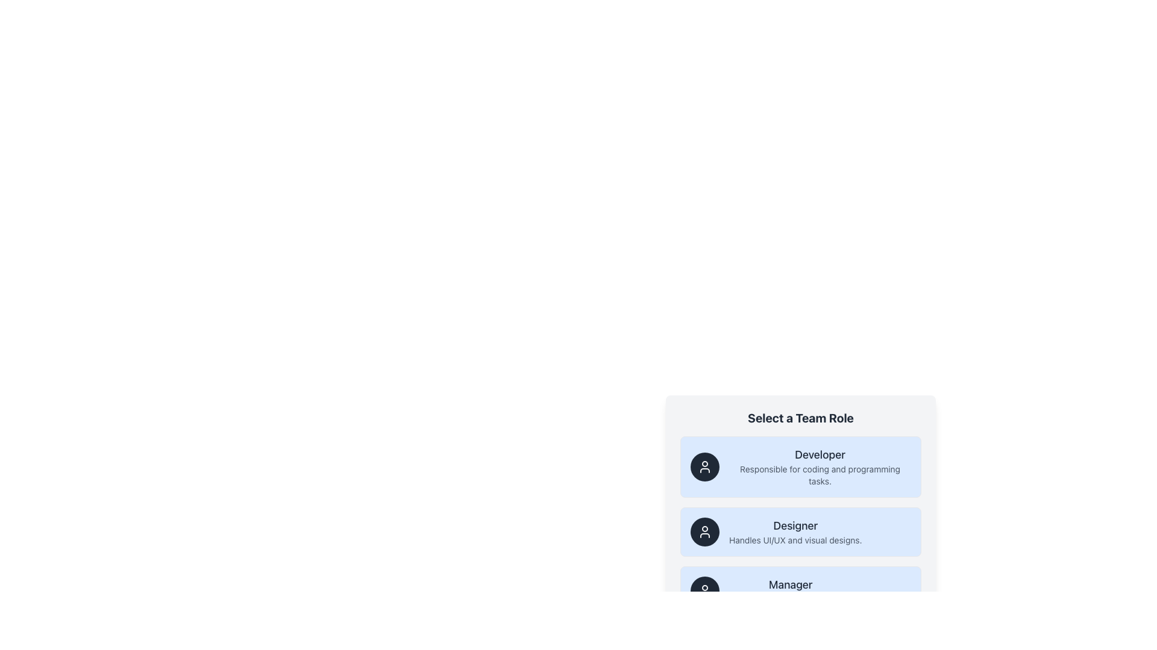 The image size is (1157, 650). I want to click on the 'Manager' role icon located in the third section of the vertical list under 'Select a Team Role', so click(705, 590).